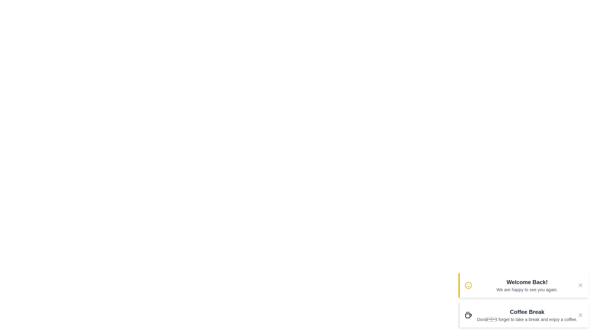 The width and height of the screenshot is (596, 335). I want to click on the notification to observe any visual changes, so click(523, 285).